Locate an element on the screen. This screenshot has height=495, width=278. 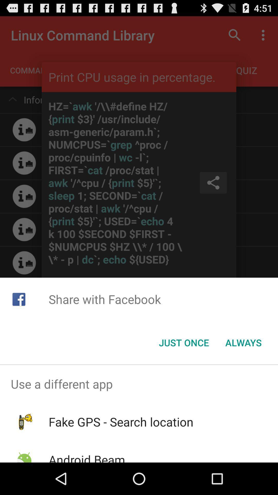
the always icon is located at coordinates (243, 343).